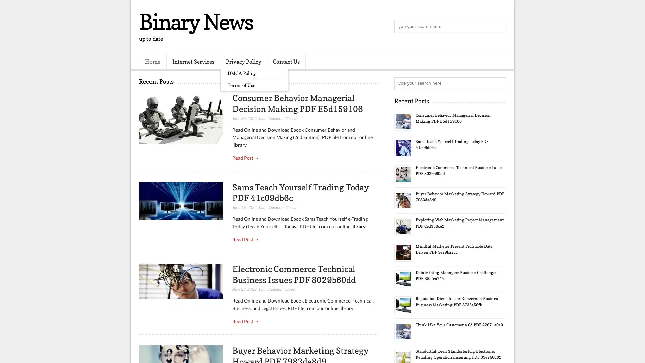 The width and height of the screenshot is (645, 363). Describe the element at coordinates (499, 27) in the screenshot. I see `Search` at that location.